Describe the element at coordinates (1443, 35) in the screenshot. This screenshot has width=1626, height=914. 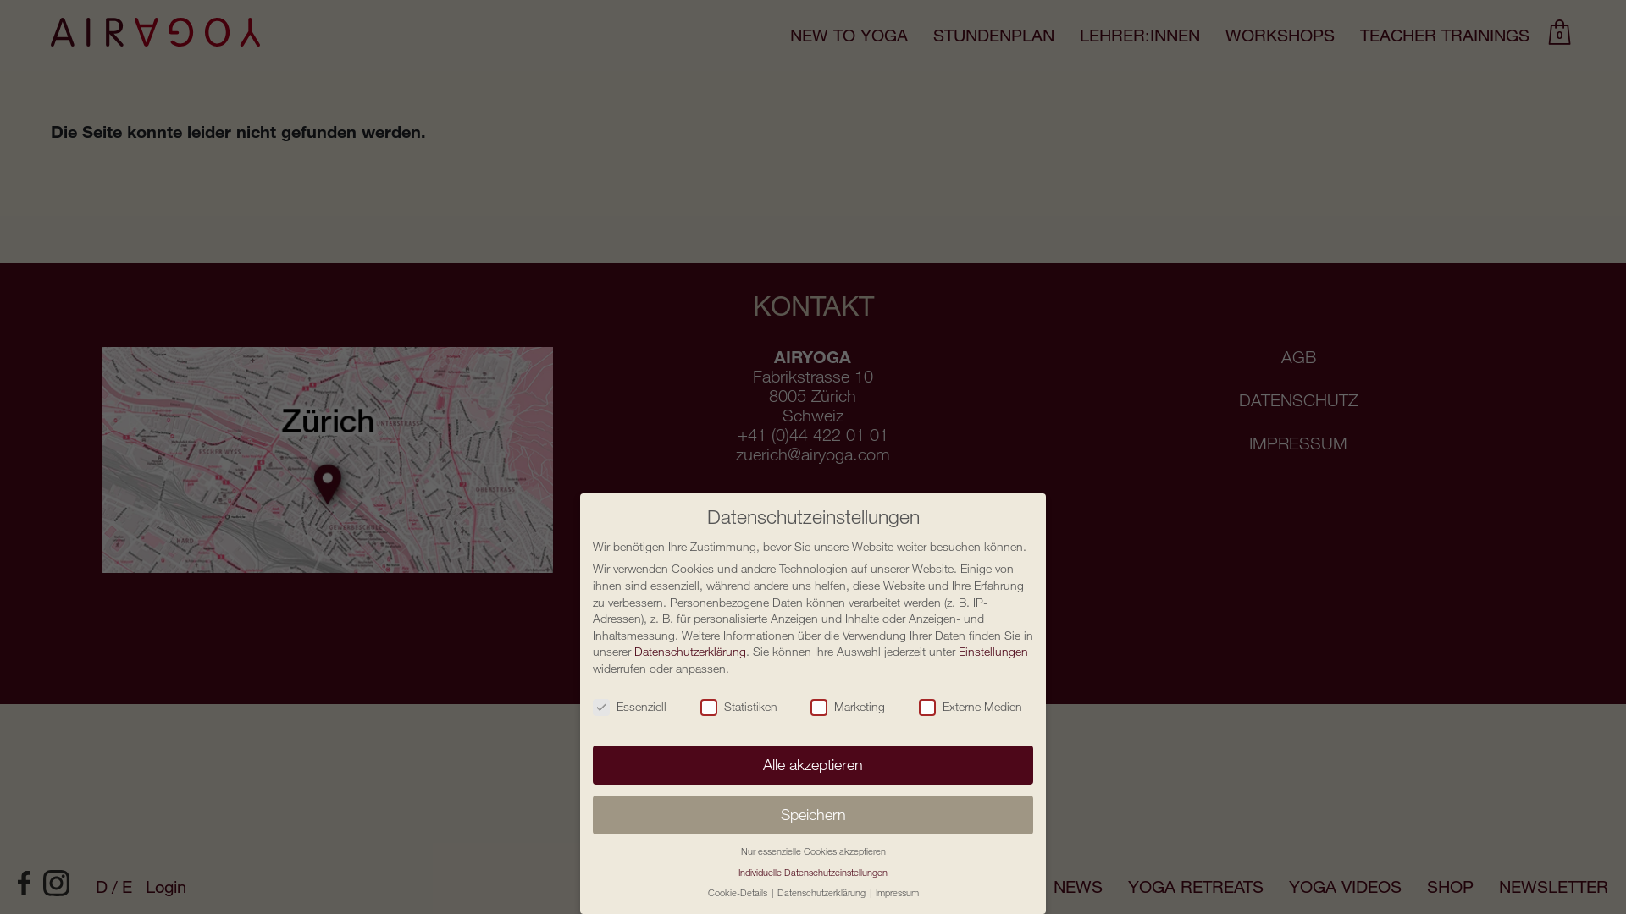
I see `'TEACHER TRAININGS'` at that location.